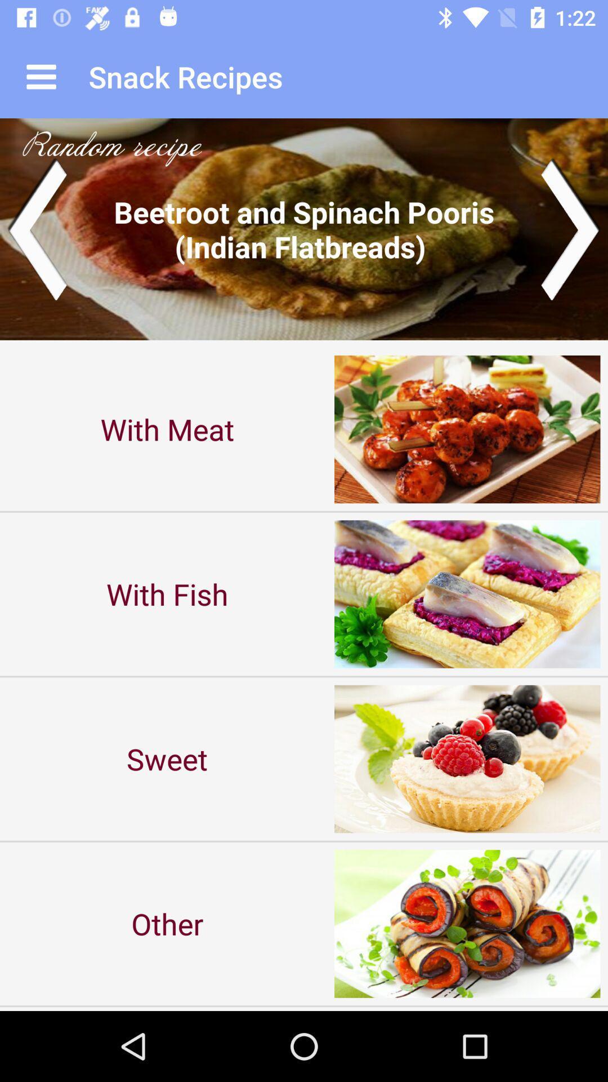 This screenshot has height=1082, width=608. What do you see at coordinates (167, 924) in the screenshot?
I see `the other icon` at bounding box center [167, 924].